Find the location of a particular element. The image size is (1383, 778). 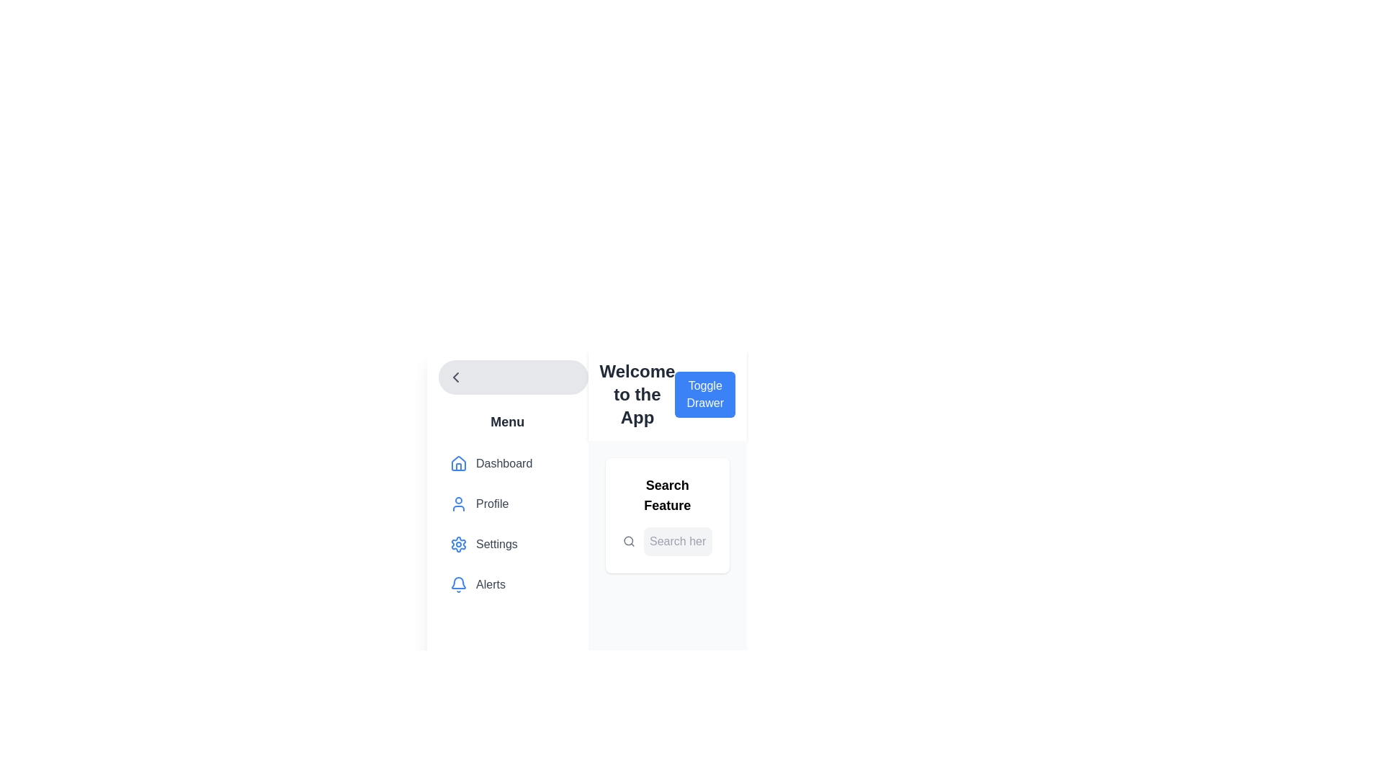

the search input field located in the right section of the interface under the header 'Welcome to the App' to type a search query is located at coordinates (666, 515).